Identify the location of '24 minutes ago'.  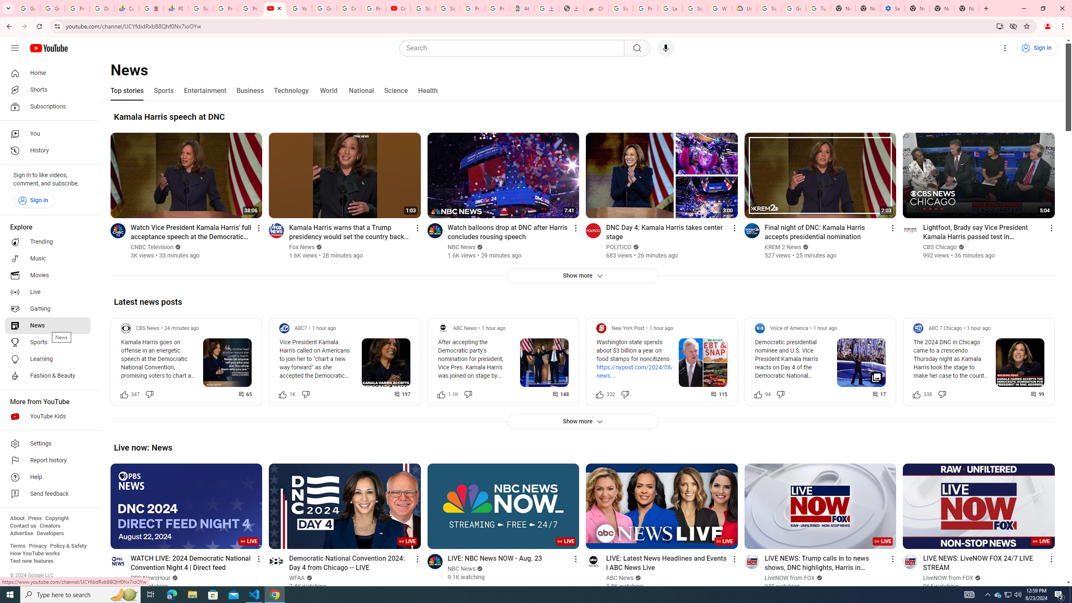
(181, 328).